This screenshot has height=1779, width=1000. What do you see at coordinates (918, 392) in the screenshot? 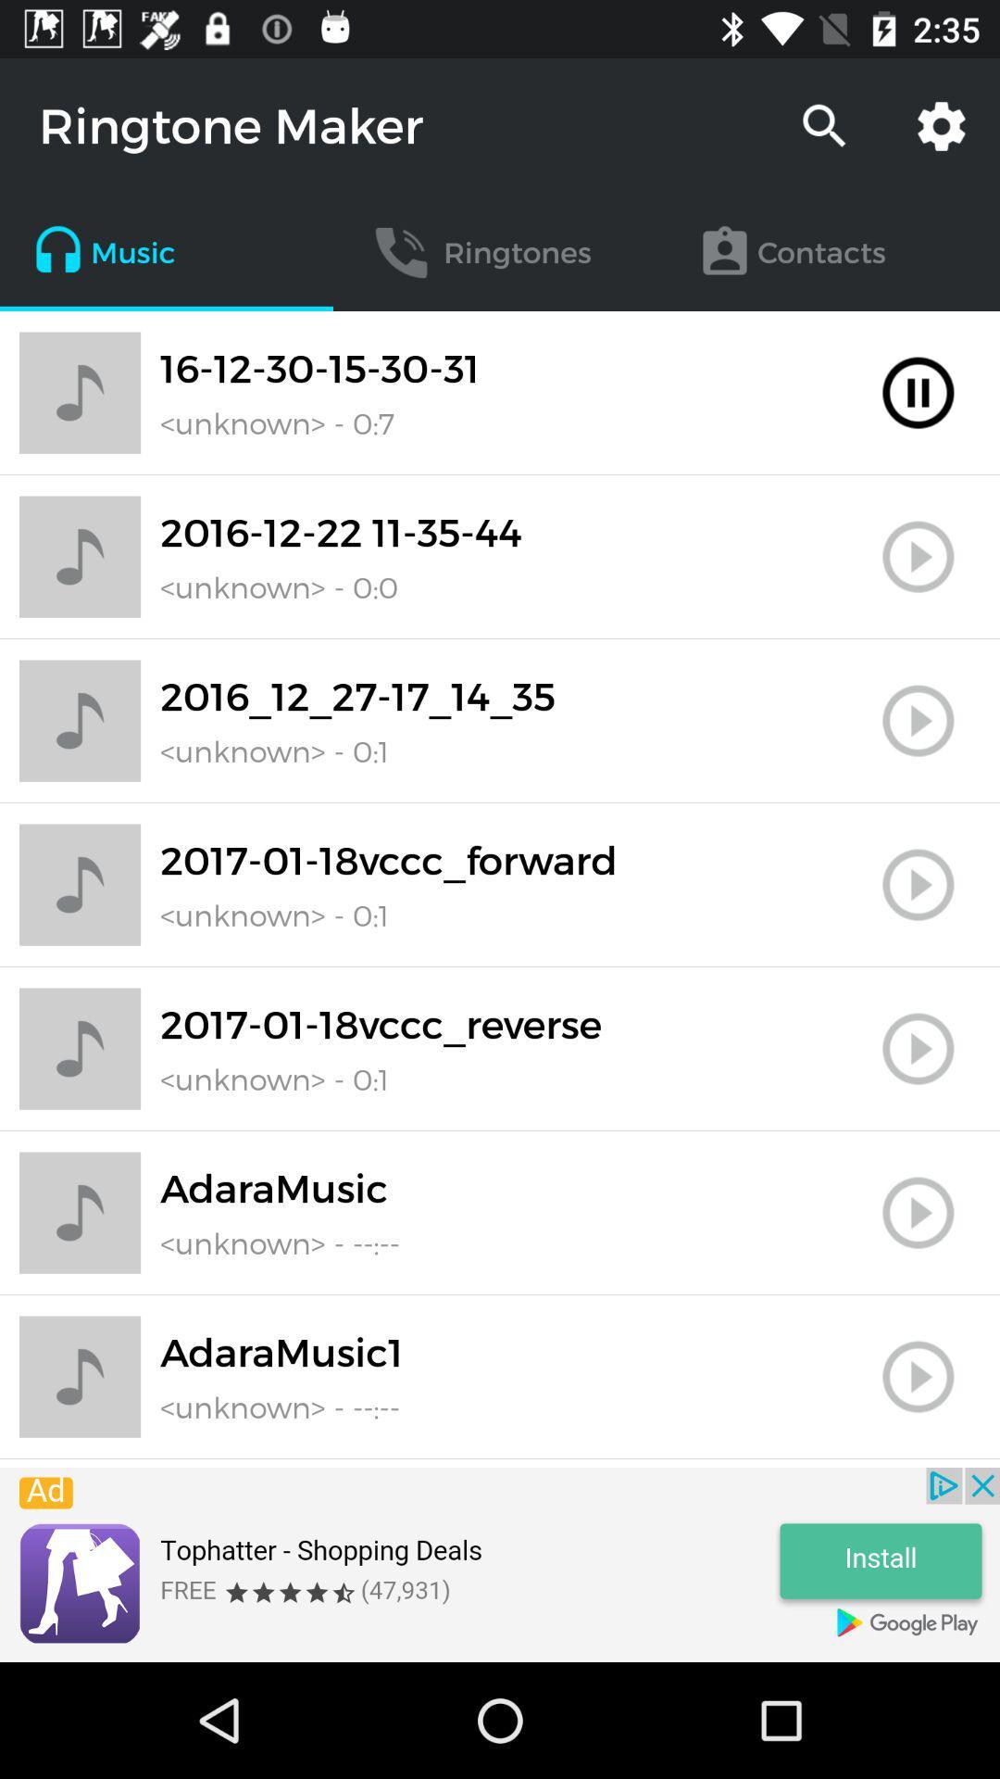
I see `pause option` at bounding box center [918, 392].